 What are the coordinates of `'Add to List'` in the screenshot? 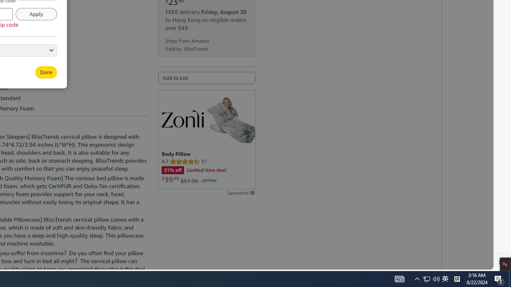 It's located at (206, 78).